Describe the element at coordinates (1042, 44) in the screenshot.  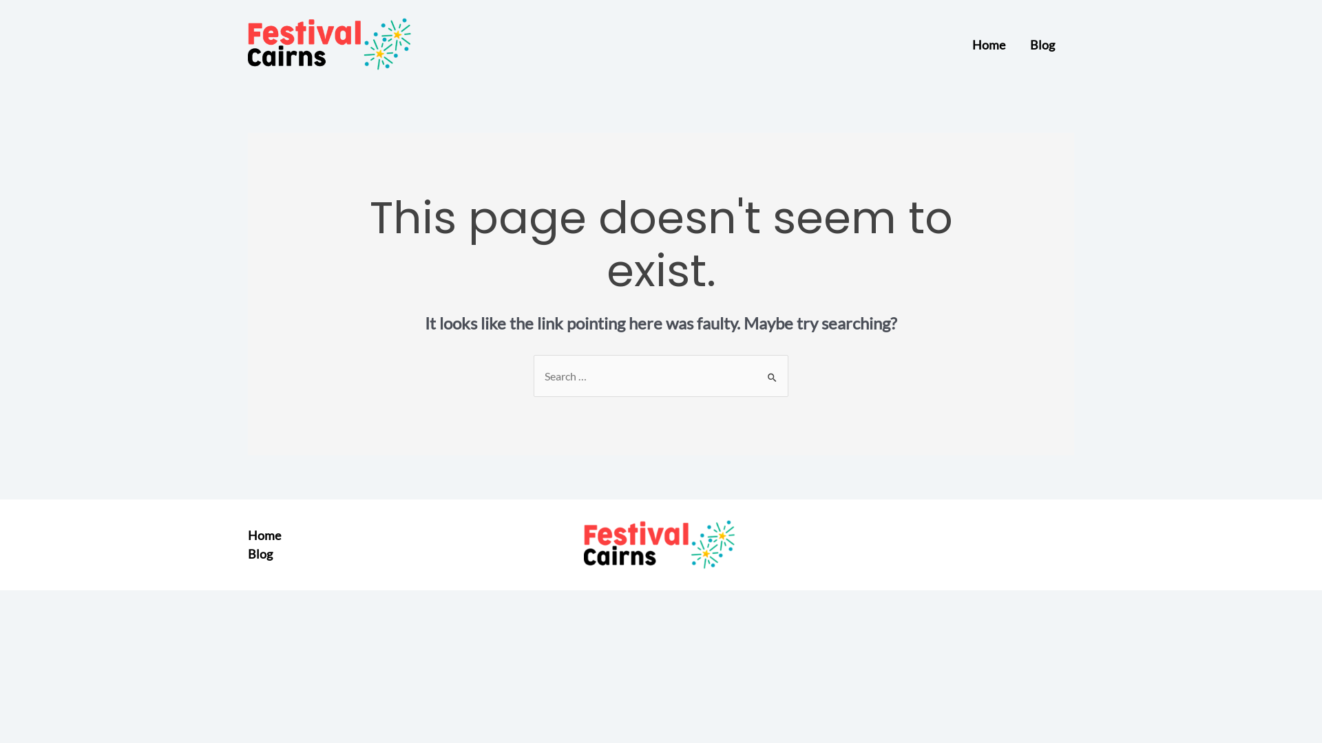
I see `'Blog'` at that location.